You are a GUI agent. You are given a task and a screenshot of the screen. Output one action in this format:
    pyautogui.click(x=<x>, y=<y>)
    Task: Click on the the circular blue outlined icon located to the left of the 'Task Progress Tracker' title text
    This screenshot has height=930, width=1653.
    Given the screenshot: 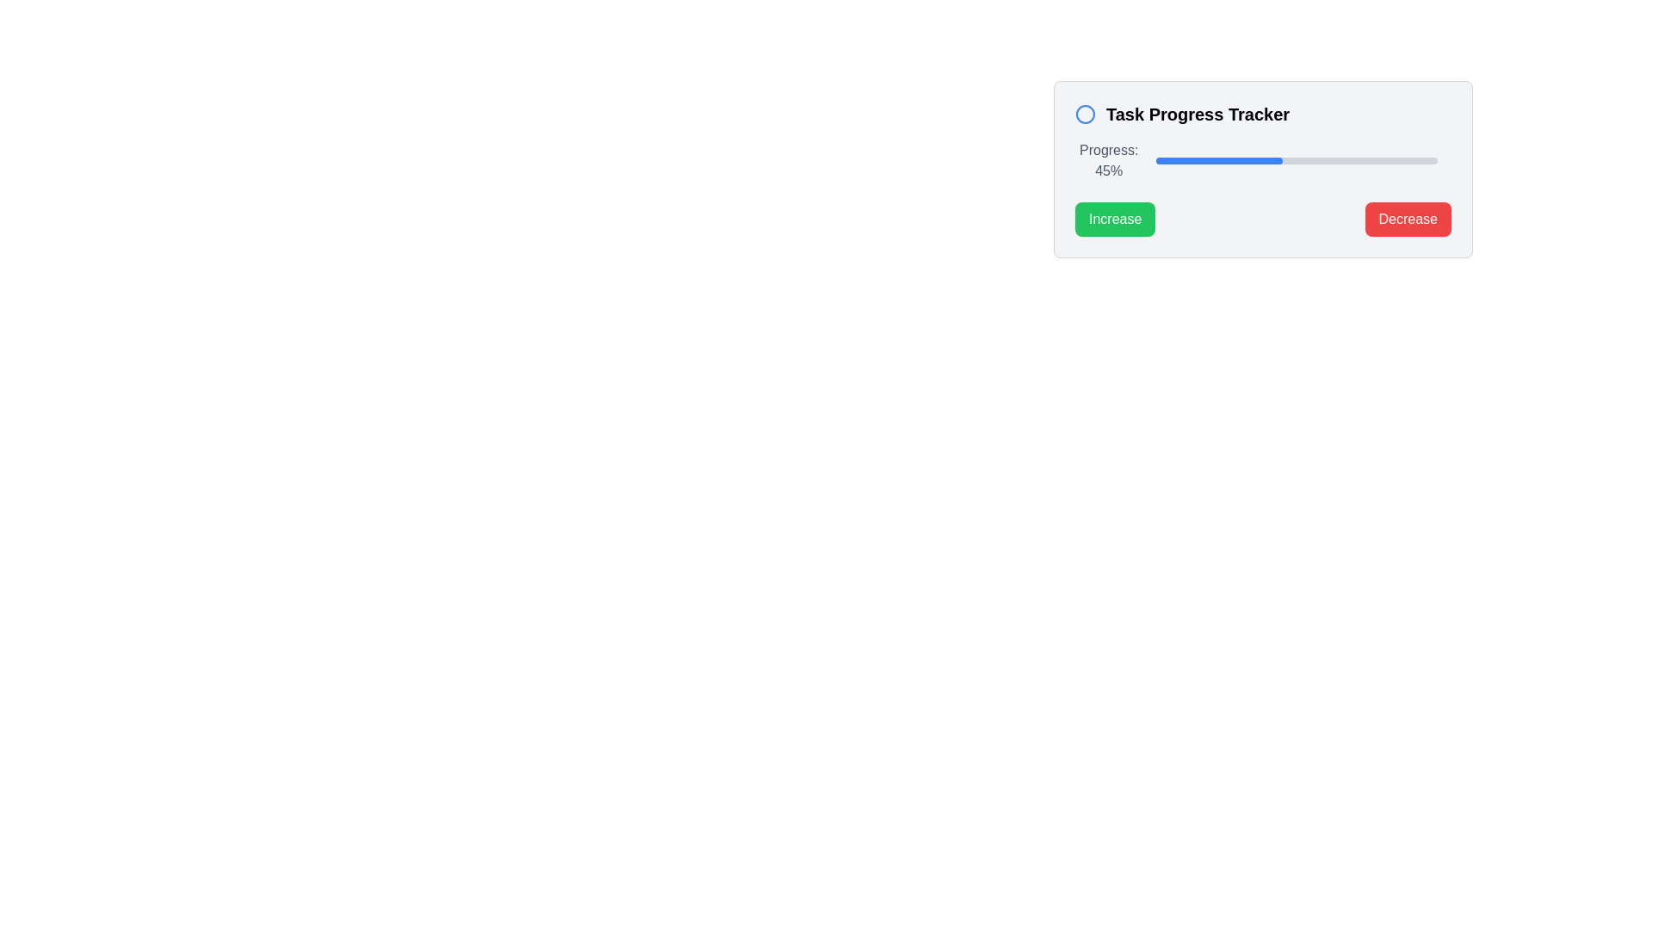 What is the action you would take?
    pyautogui.click(x=1085, y=114)
    